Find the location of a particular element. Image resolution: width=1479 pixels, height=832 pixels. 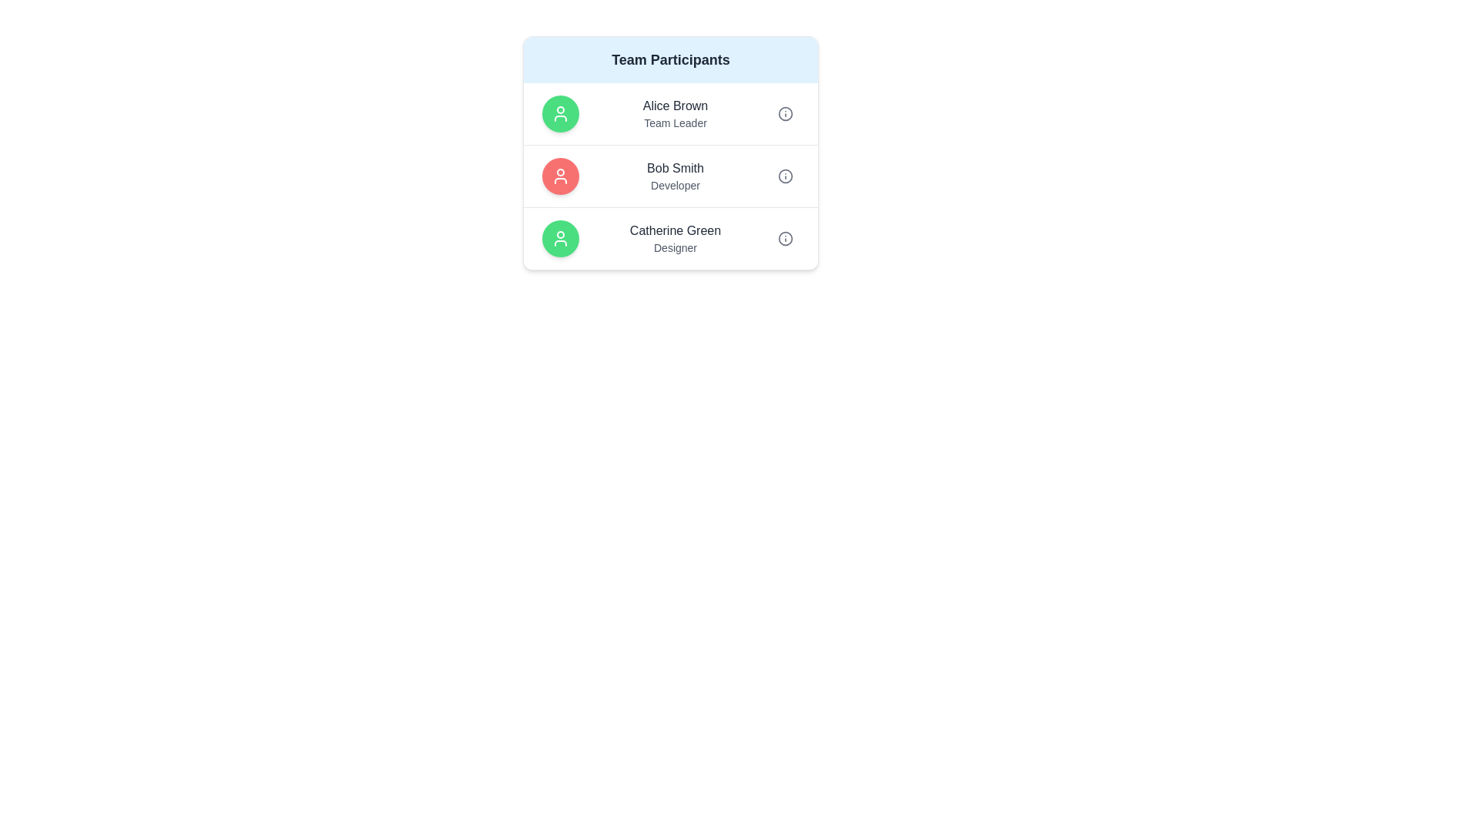

the small circular gray button with an information icon in the 'Catherine Green Designer' list item in the 'Team Participants' section is located at coordinates (785, 238).